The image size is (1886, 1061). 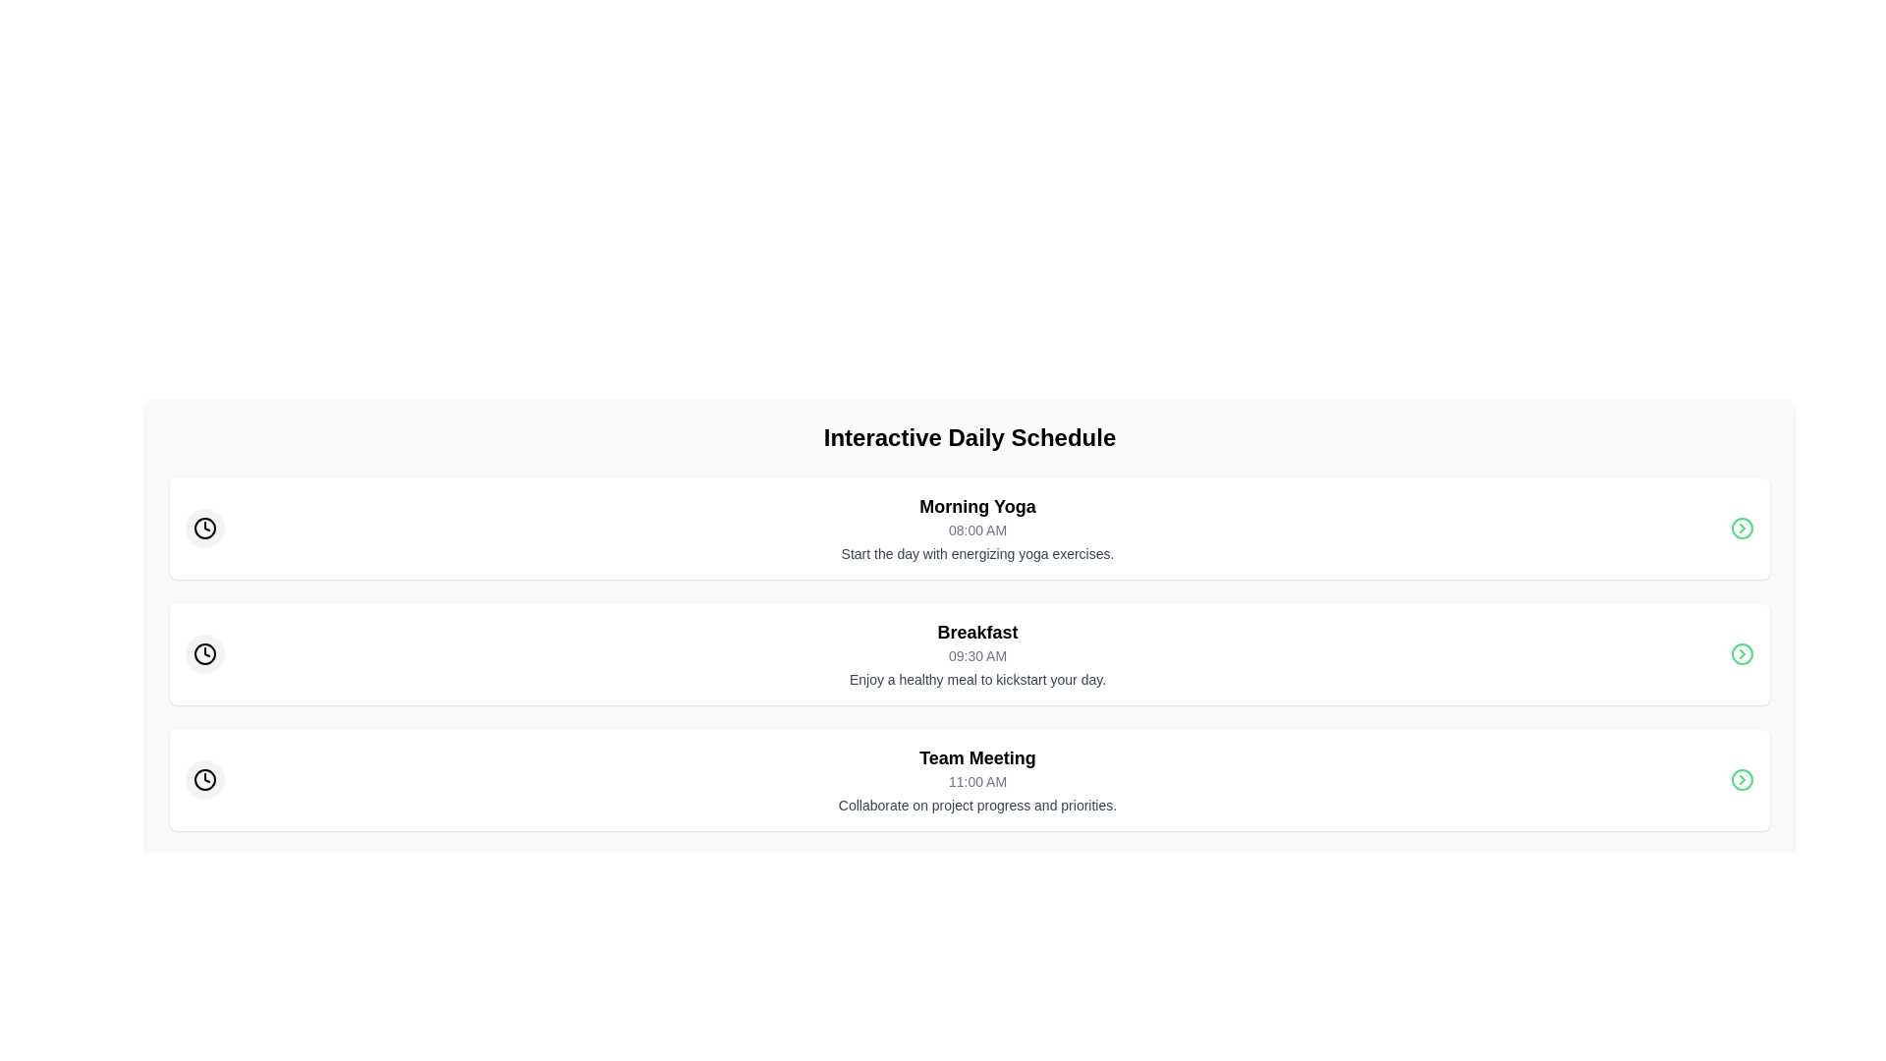 What do you see at coordinates (977, 806) in the screenshot?
I see `the text label providing additional details about the 'Team Meeting' positioned below the time '11:00 AM'` at bounding box center [977, 806].